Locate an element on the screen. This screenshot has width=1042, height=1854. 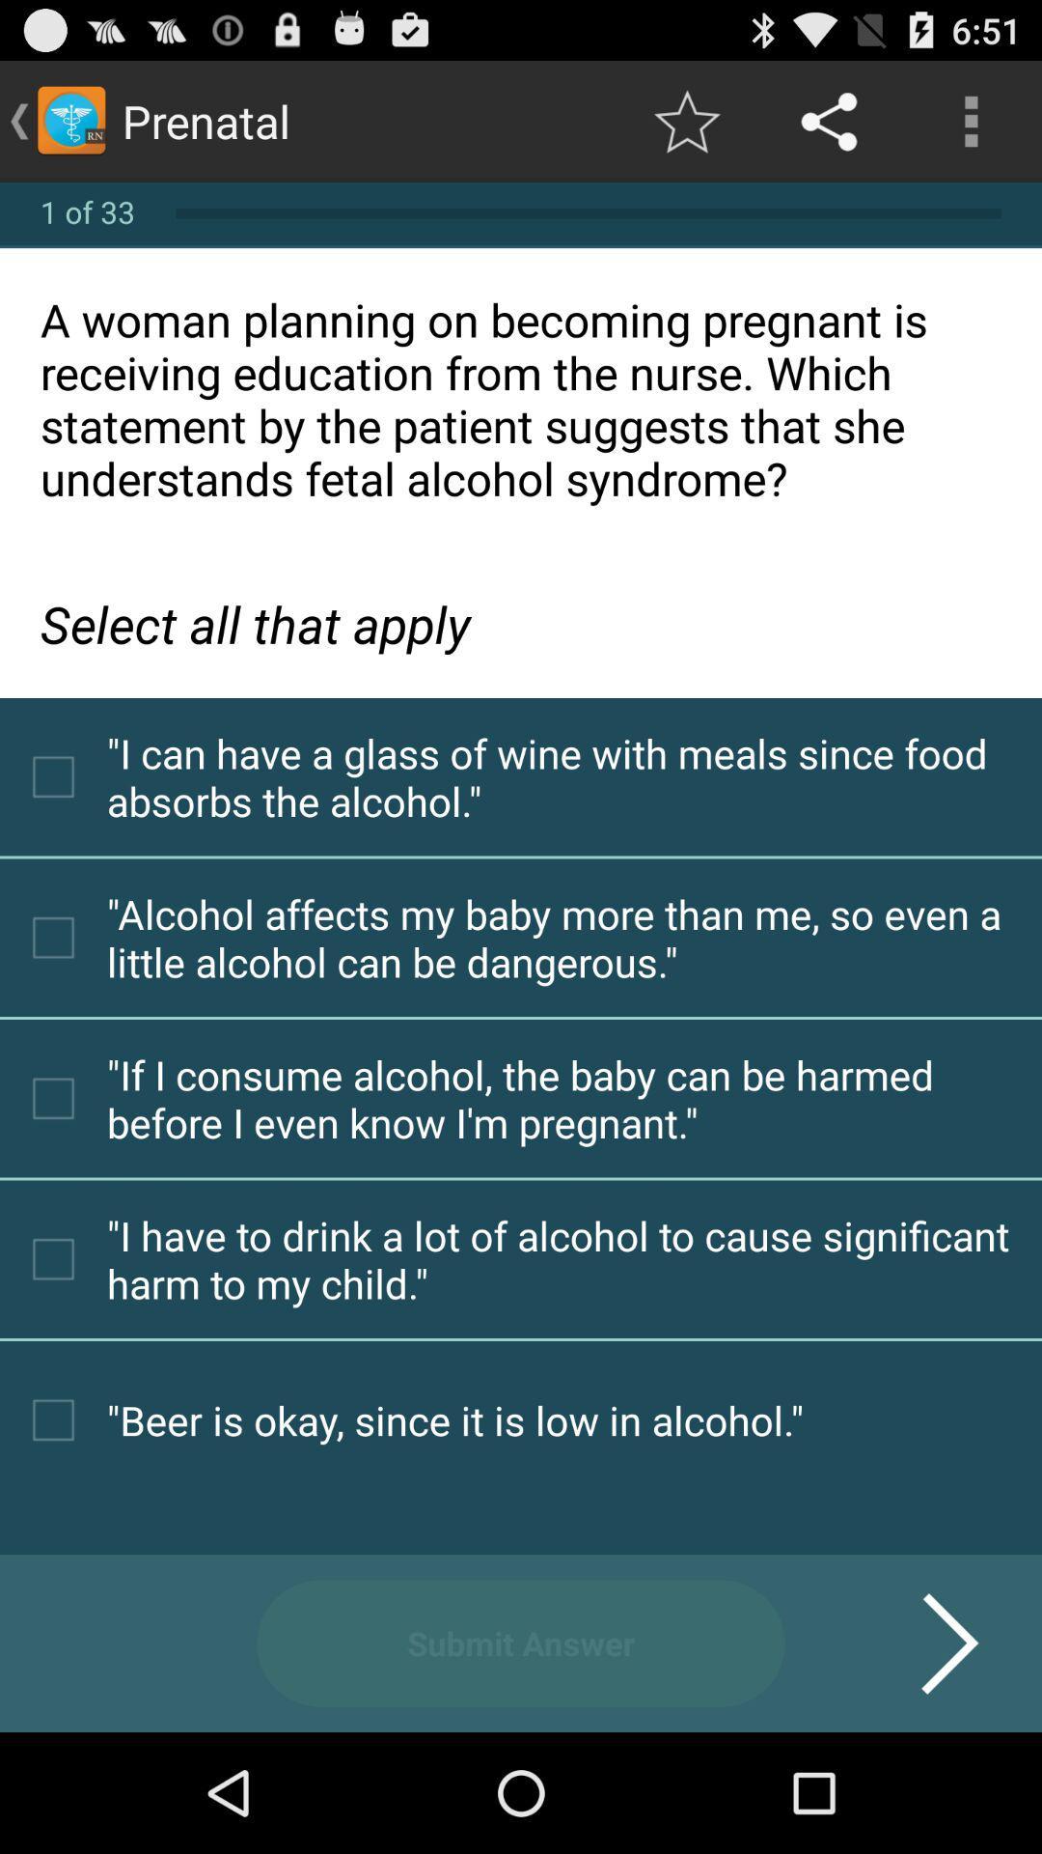
app next to prenatal app is located at coordinates (686, 120).